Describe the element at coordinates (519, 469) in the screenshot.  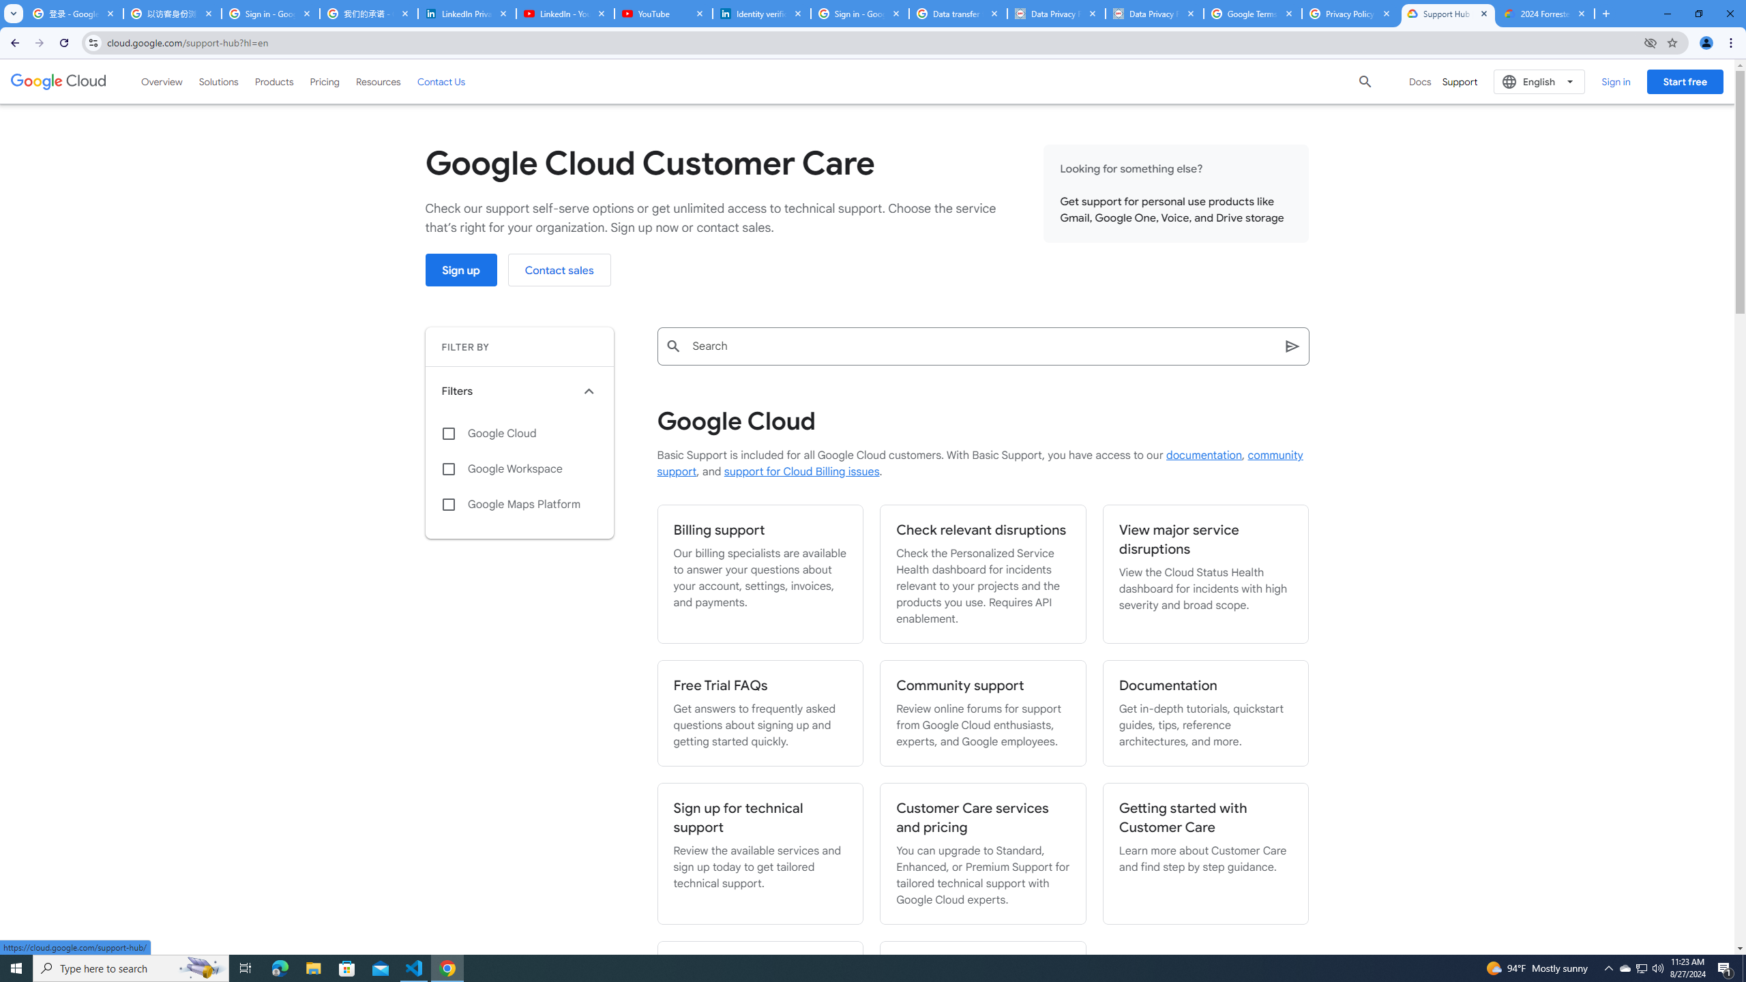
I see `'Google Workspace'` at that location.